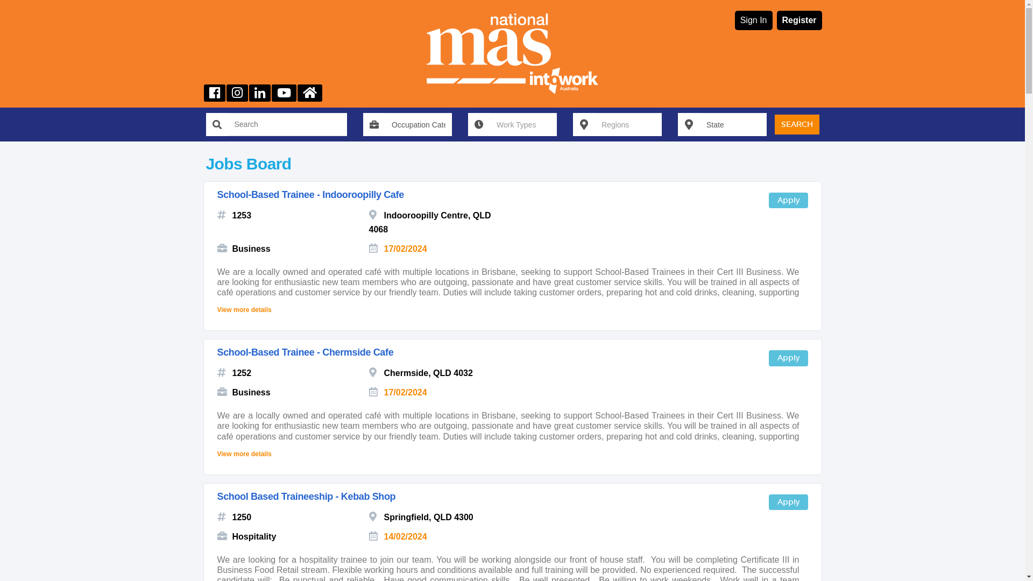  I want to click on 'SEARCH', so click(797, 124).